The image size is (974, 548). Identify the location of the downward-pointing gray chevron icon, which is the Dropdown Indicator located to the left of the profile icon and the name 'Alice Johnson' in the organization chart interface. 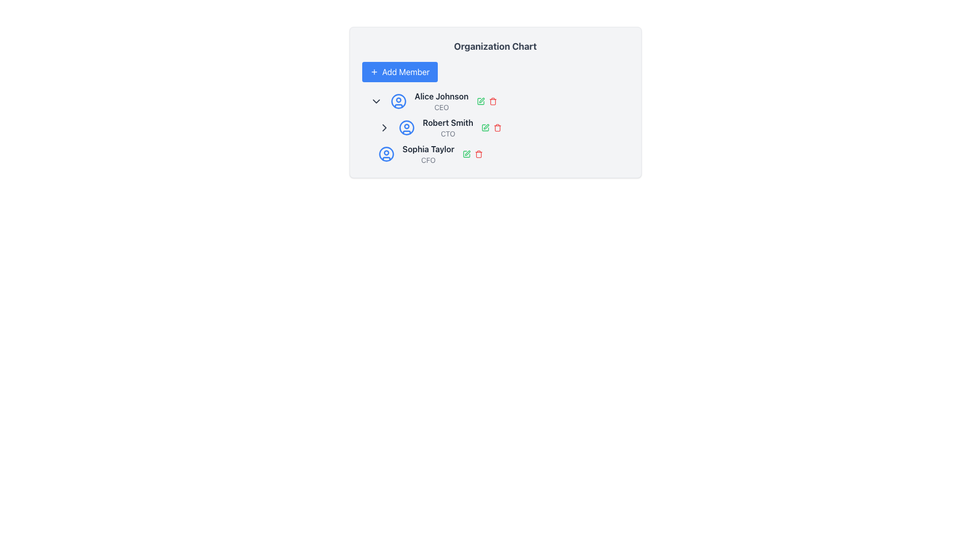
(375, 101).